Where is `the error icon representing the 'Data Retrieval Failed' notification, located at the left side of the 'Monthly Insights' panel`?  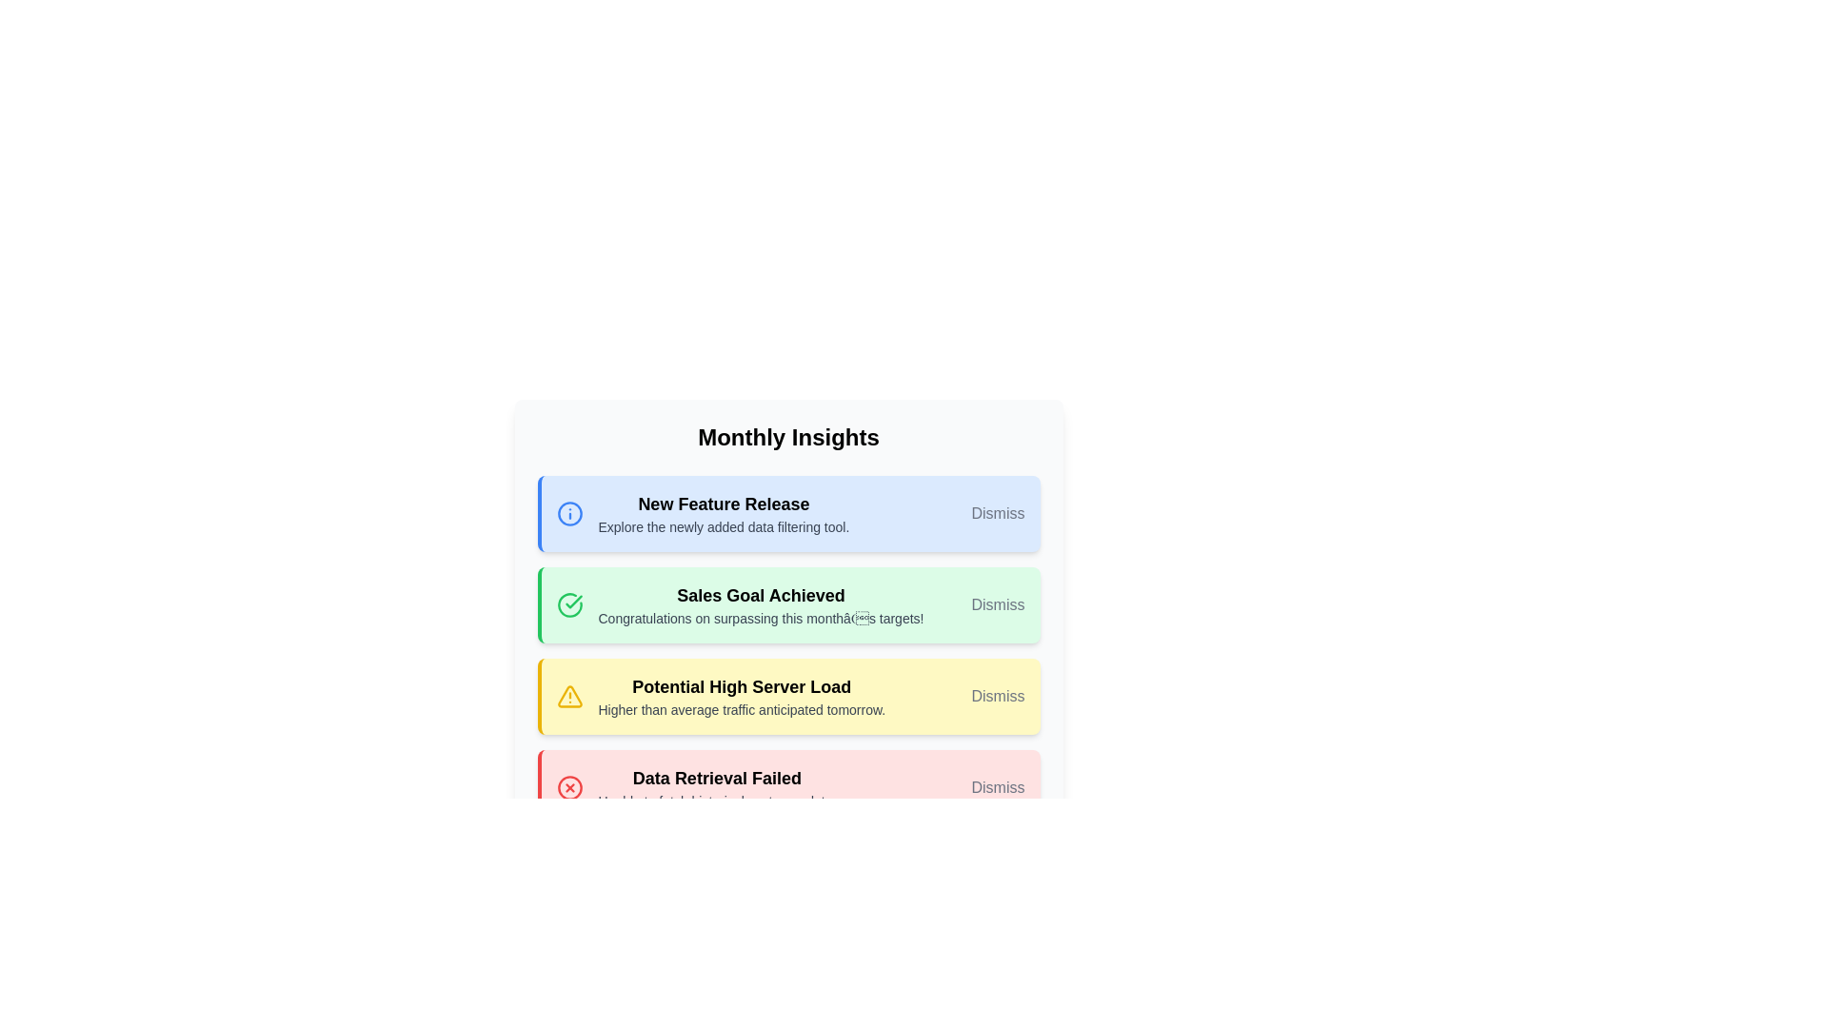
the error icon representing the 'Data Retrieval Failed' notification, located at the left side of the 'Monthly Insights' panel is located at coordinates (568, 788).